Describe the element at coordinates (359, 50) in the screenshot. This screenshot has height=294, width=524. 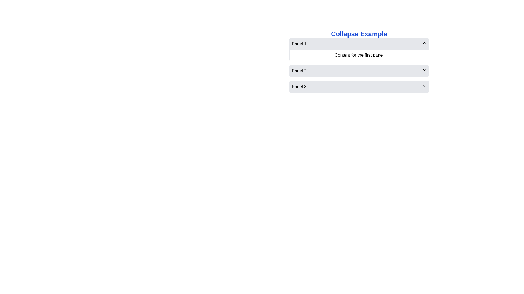
I see `the chevron icon on the first collapsible panel under the heading 'Collapse Example'` at that location.